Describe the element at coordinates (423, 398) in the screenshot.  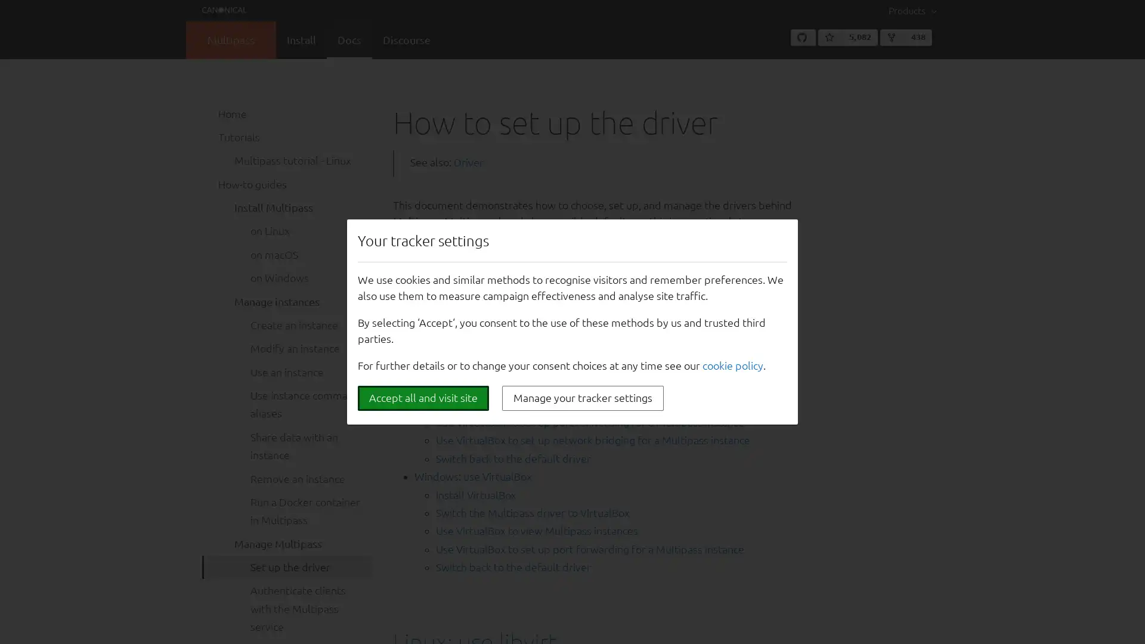
I see `Accept all and visit site` at that location.